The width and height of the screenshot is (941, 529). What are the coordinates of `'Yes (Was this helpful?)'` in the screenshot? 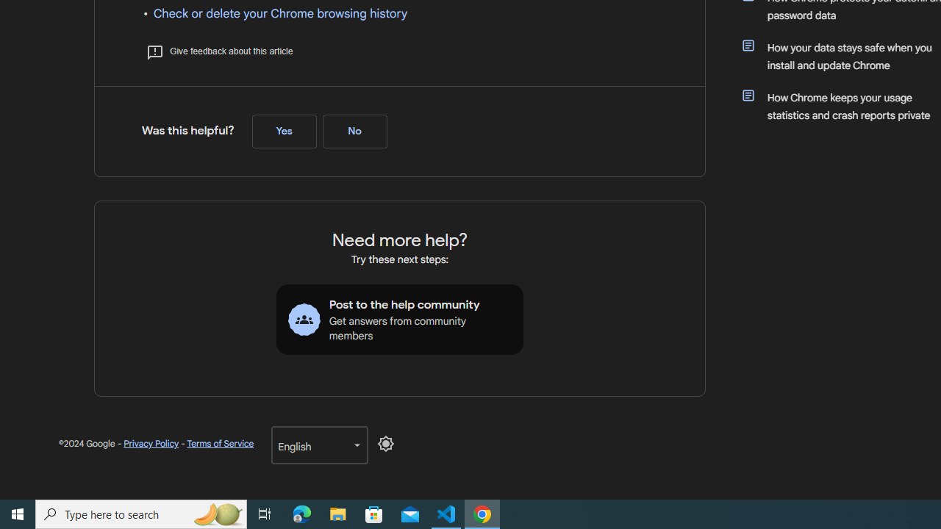 It's located at (284, 131).